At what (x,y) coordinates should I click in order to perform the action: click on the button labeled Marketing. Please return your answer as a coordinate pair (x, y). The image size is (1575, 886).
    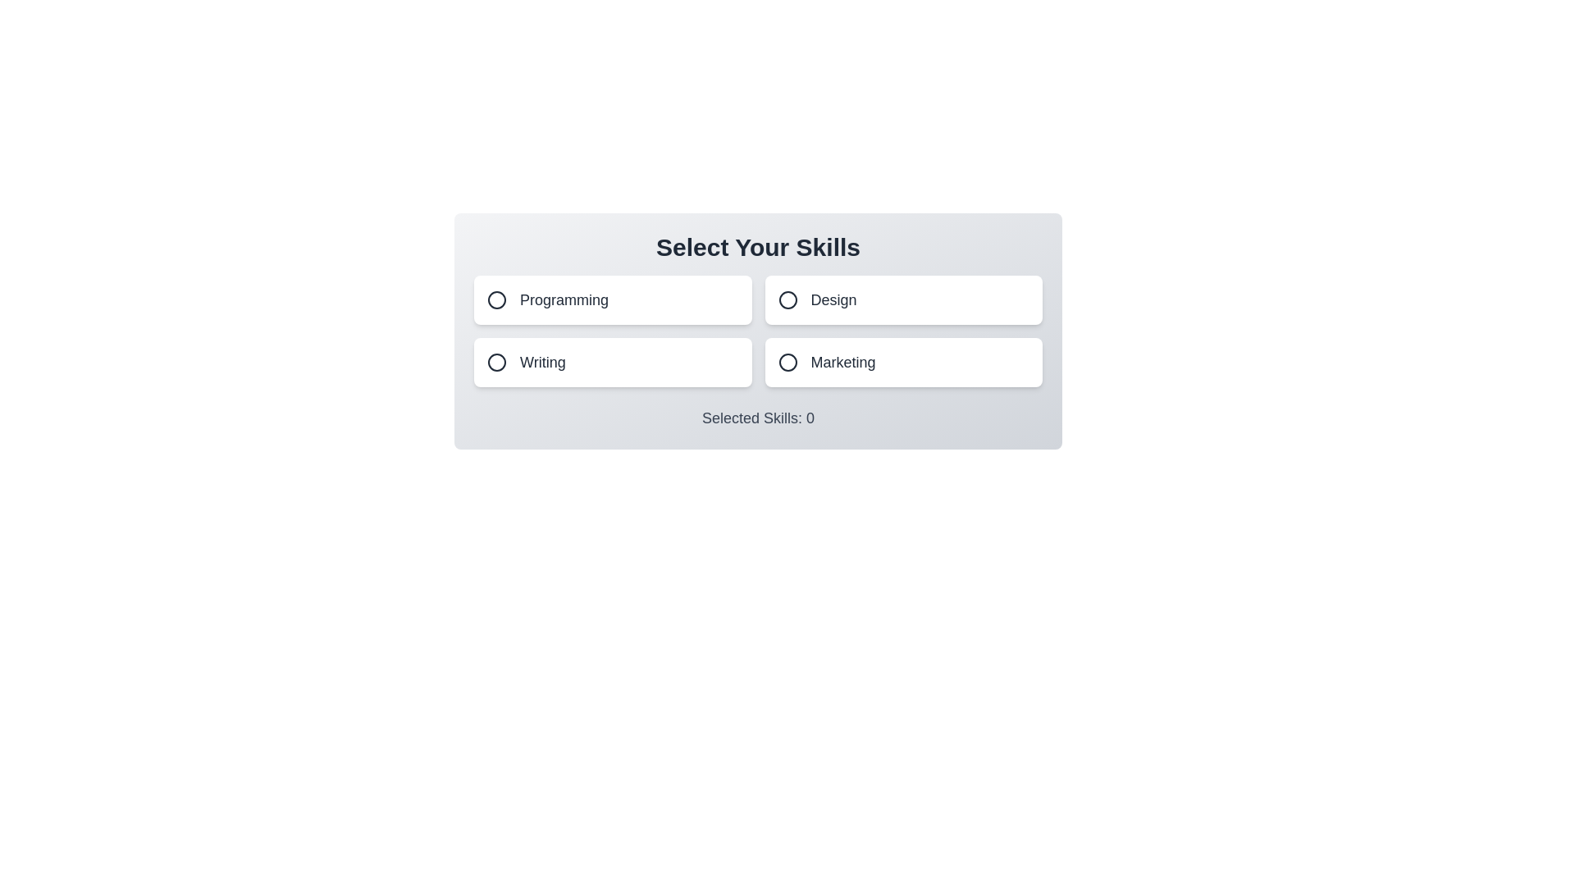
    Looking at the image, I should click on (902, 362).